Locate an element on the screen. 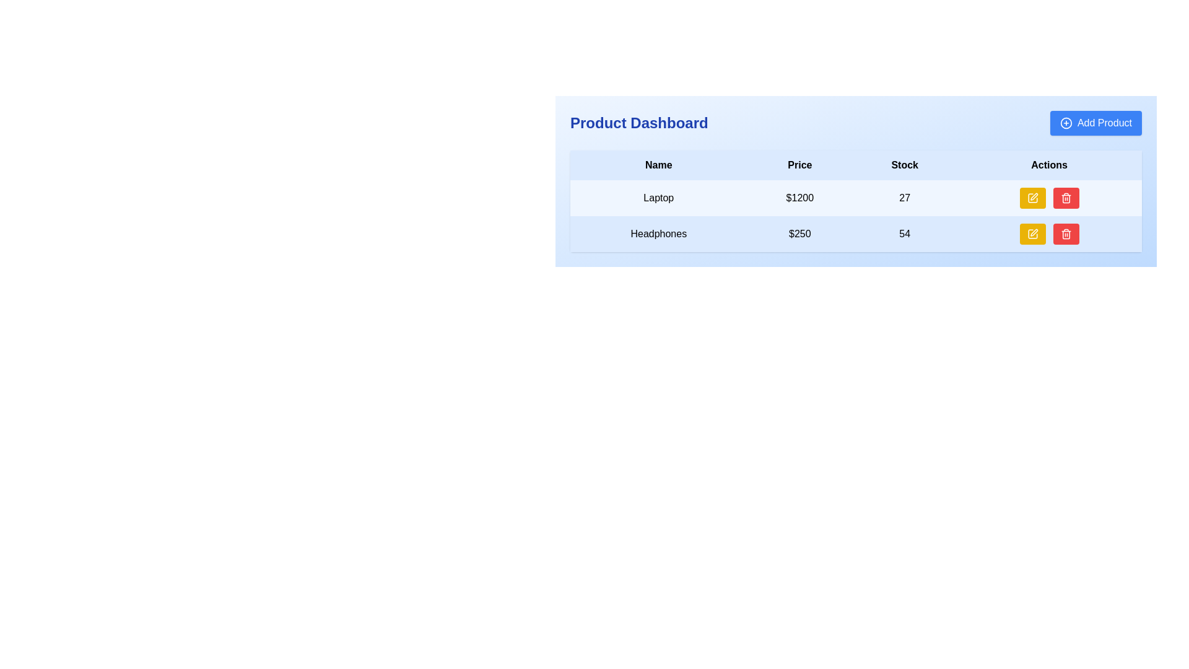 Image resolution: width=1189 pixels, height=669 pixels. the 'Headphones' product label located in the first cell of the second row under the 'Name' column in the 'Product Dashboard' section is located at coordinates (658, 234).